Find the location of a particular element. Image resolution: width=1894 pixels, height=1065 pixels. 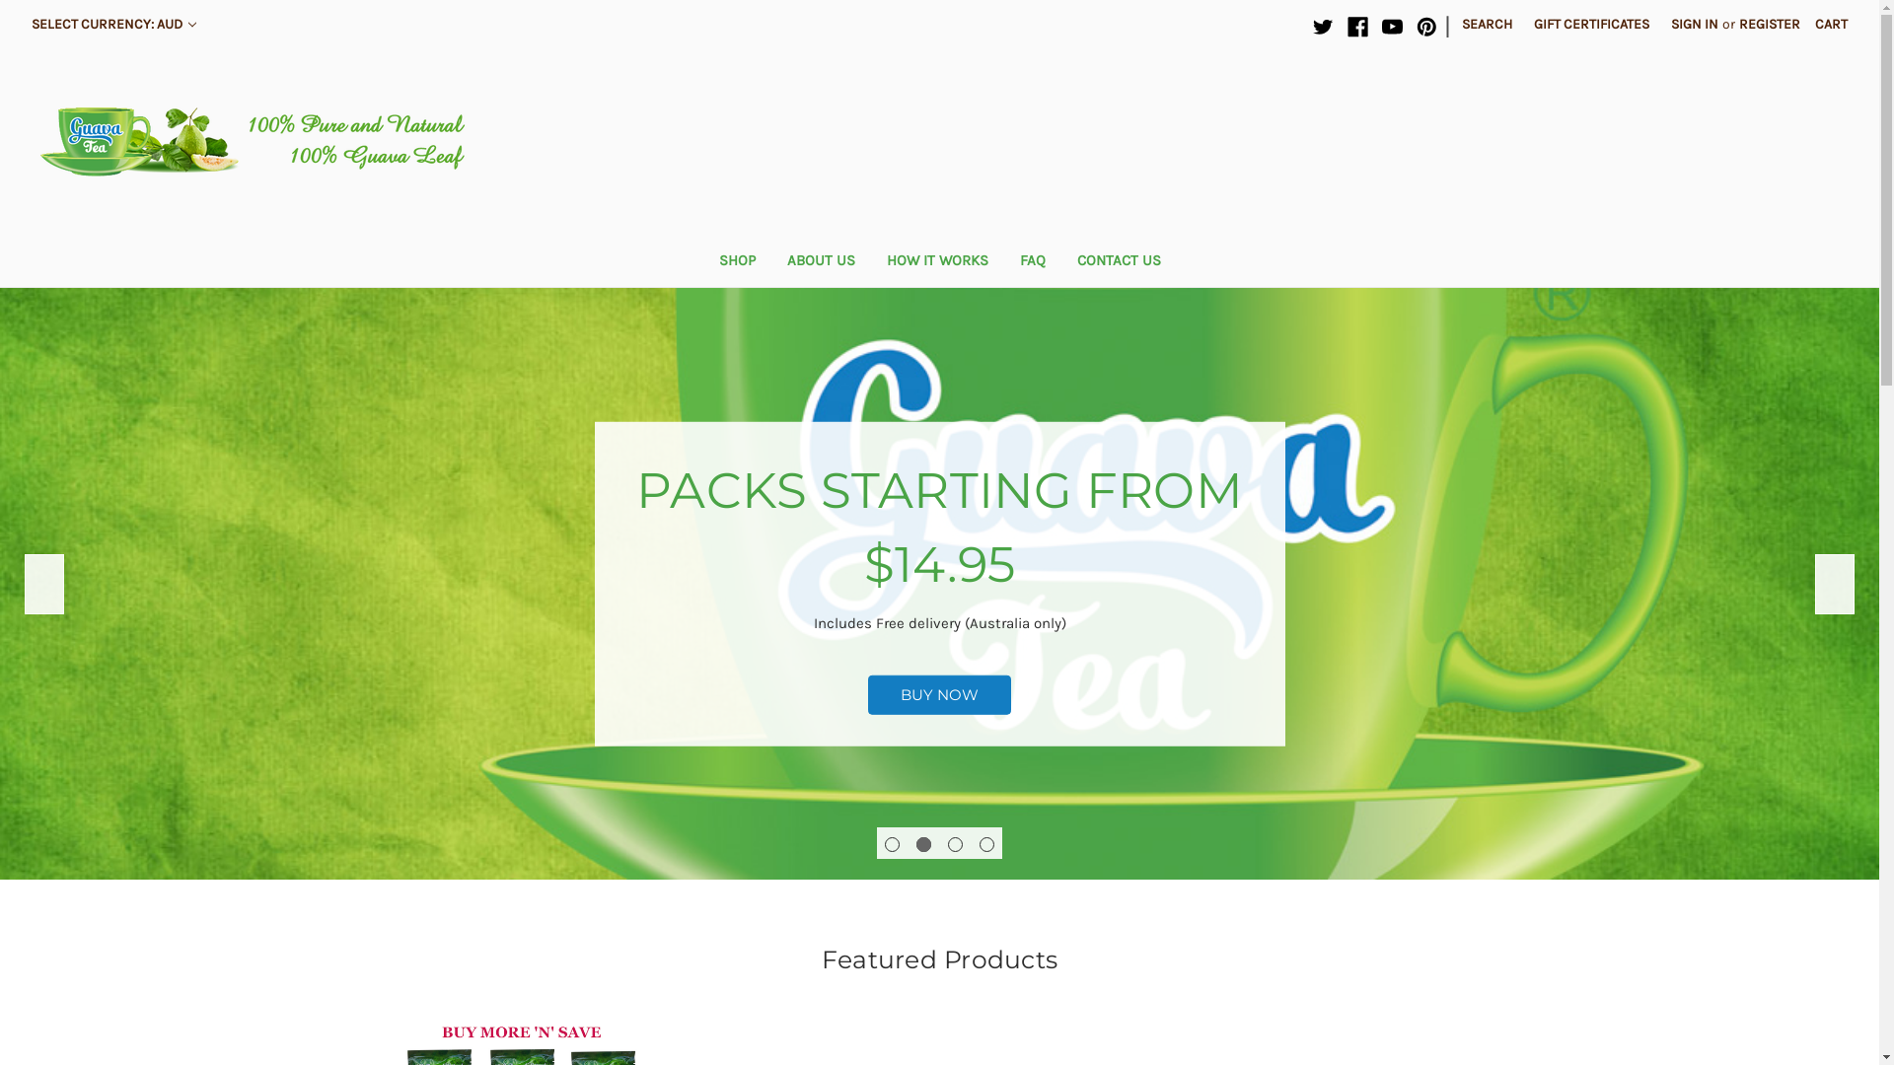

'1' is located at coordinates (884, 843).